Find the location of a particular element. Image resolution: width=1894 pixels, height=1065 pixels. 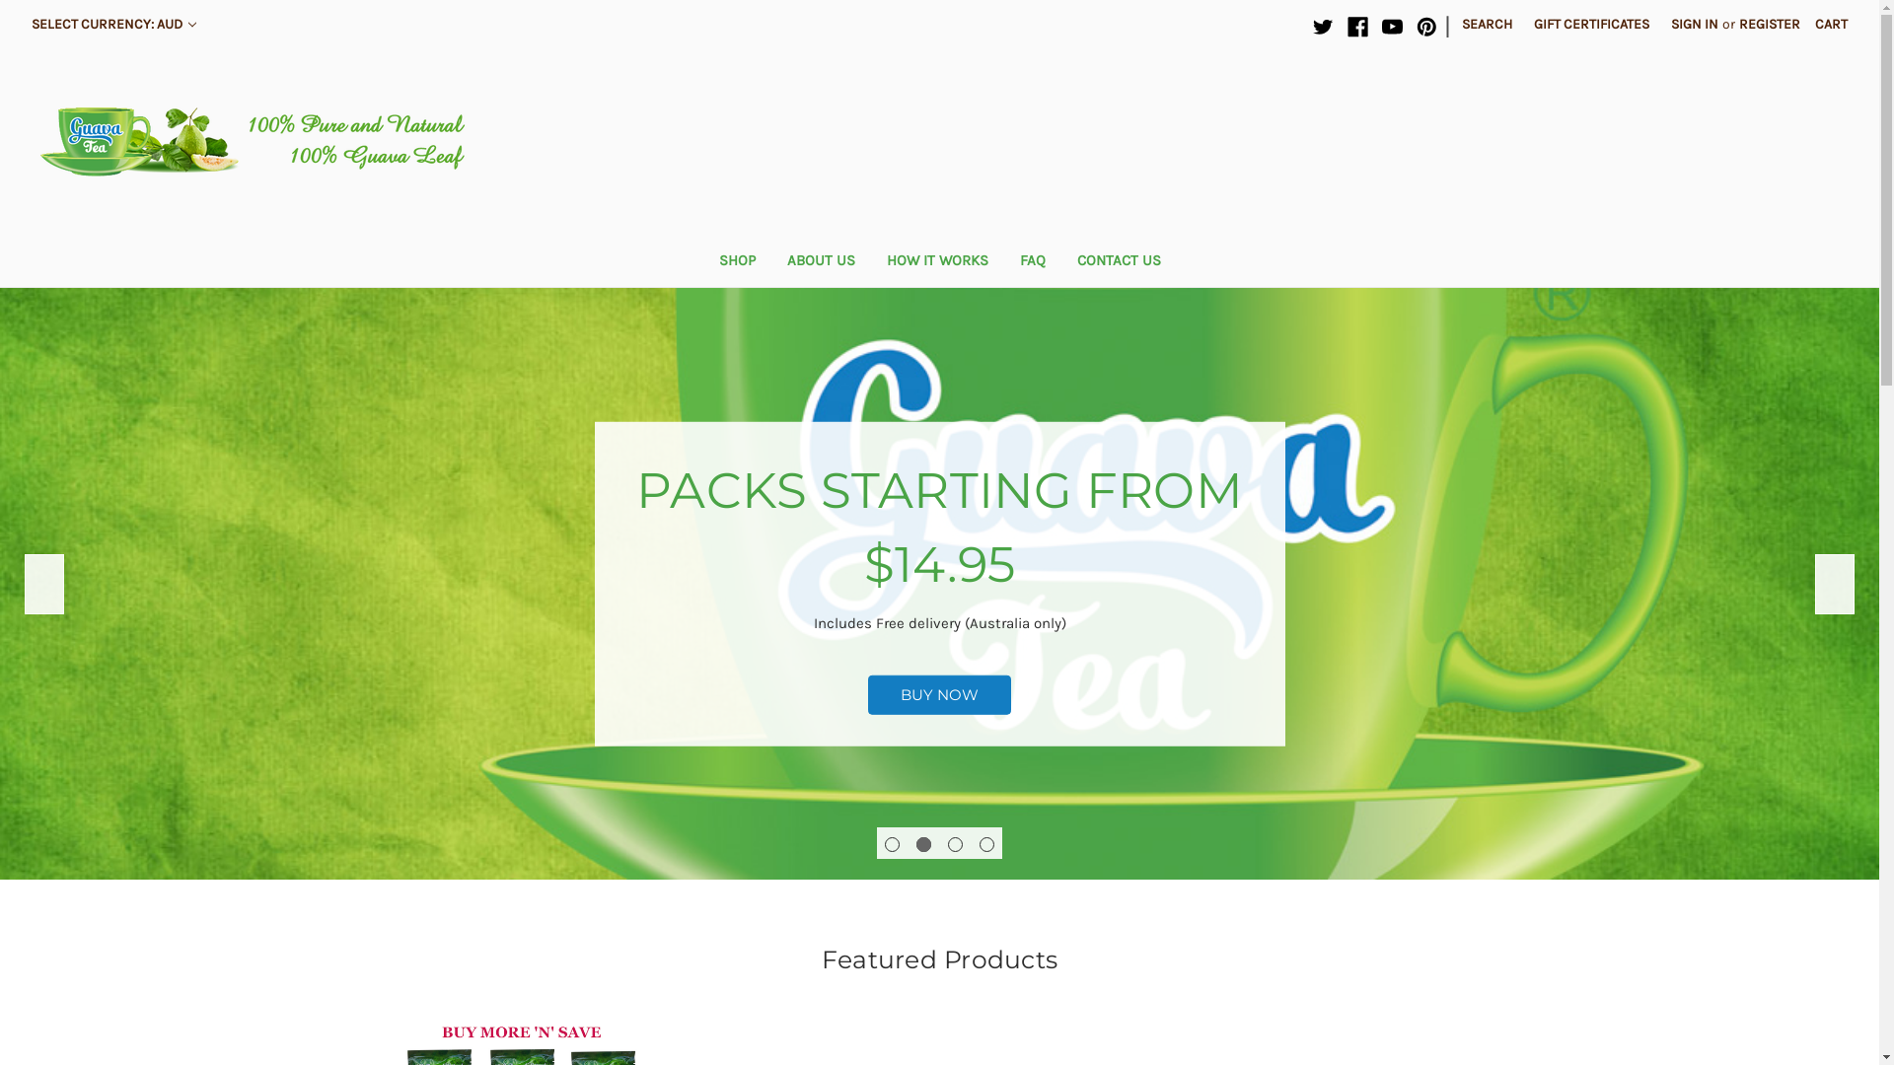

'1' is located at coordinates (884, 843).